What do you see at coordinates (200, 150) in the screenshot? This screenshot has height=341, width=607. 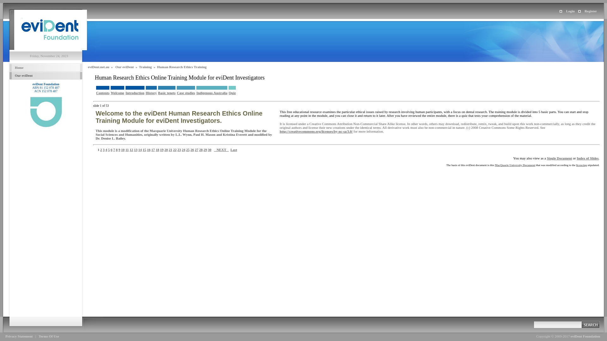 I see `'28'` at bounding box center [200, 150].